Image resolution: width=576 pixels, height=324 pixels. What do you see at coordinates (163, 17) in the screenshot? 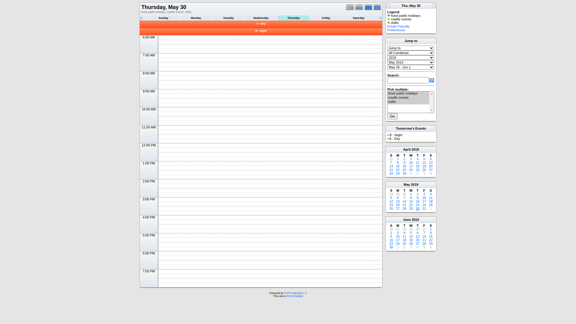
I see `'Sunday'` at bounding box center [163, 17].